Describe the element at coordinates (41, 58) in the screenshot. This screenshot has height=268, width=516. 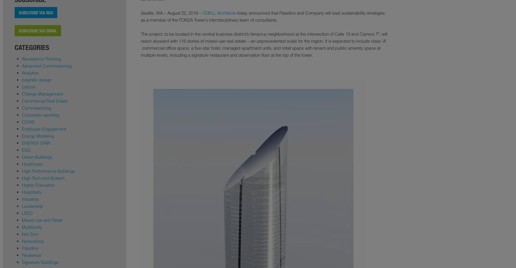
I see `'Abundance Thinking'` at that location.